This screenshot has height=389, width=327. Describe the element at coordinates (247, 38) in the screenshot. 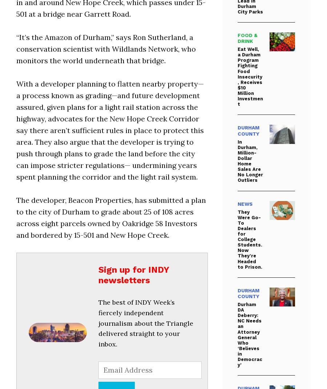

I see `'Food & Drink'` at that location.